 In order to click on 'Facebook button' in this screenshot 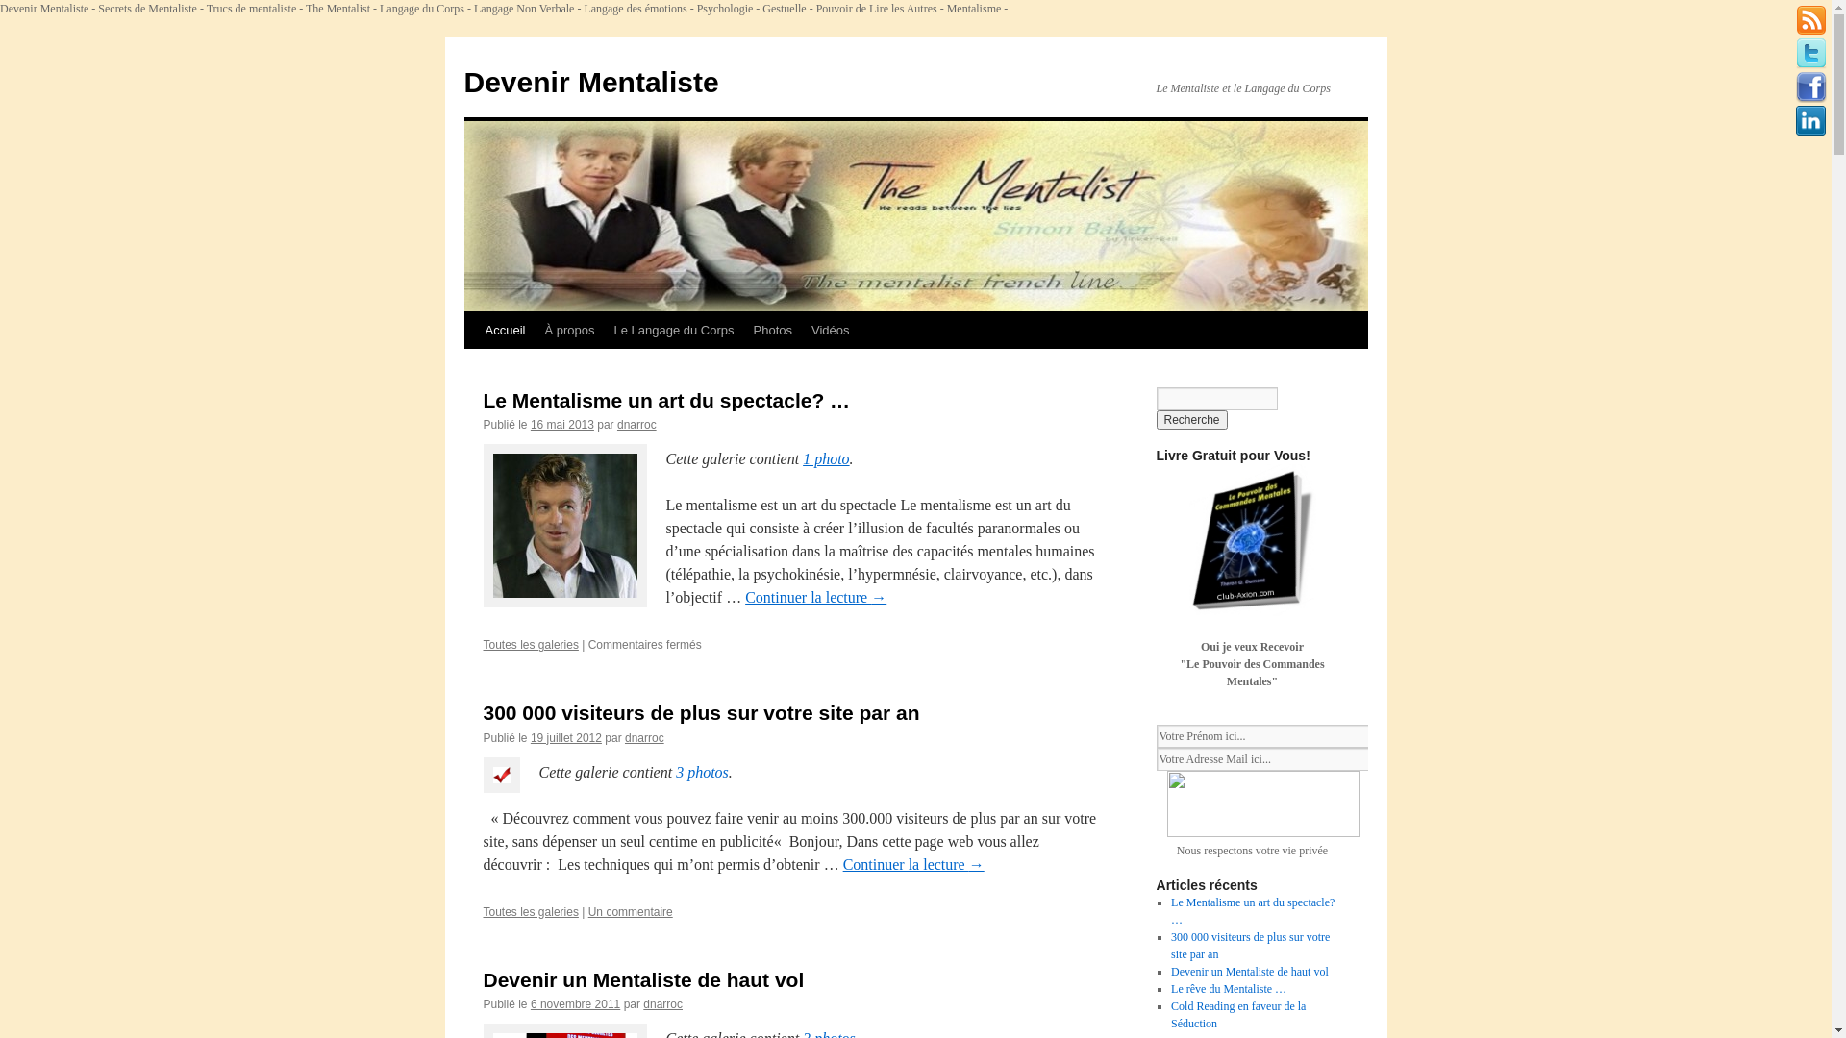, I will do `click(1809, 87)`.